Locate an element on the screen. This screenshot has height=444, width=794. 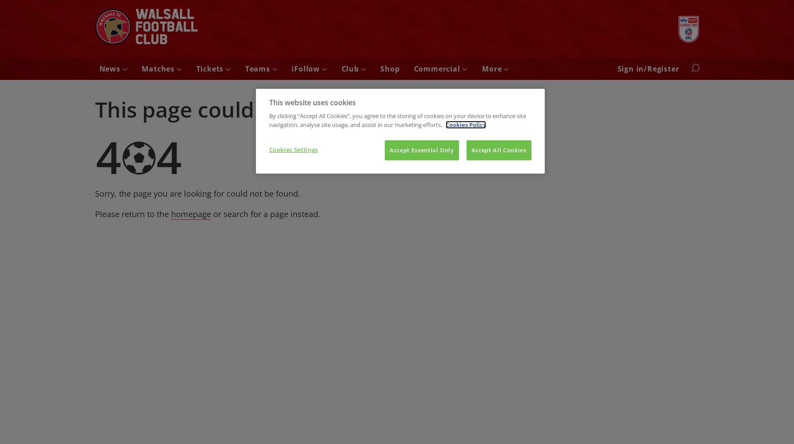
'Please return to the' is located at coordinates (94, 213).